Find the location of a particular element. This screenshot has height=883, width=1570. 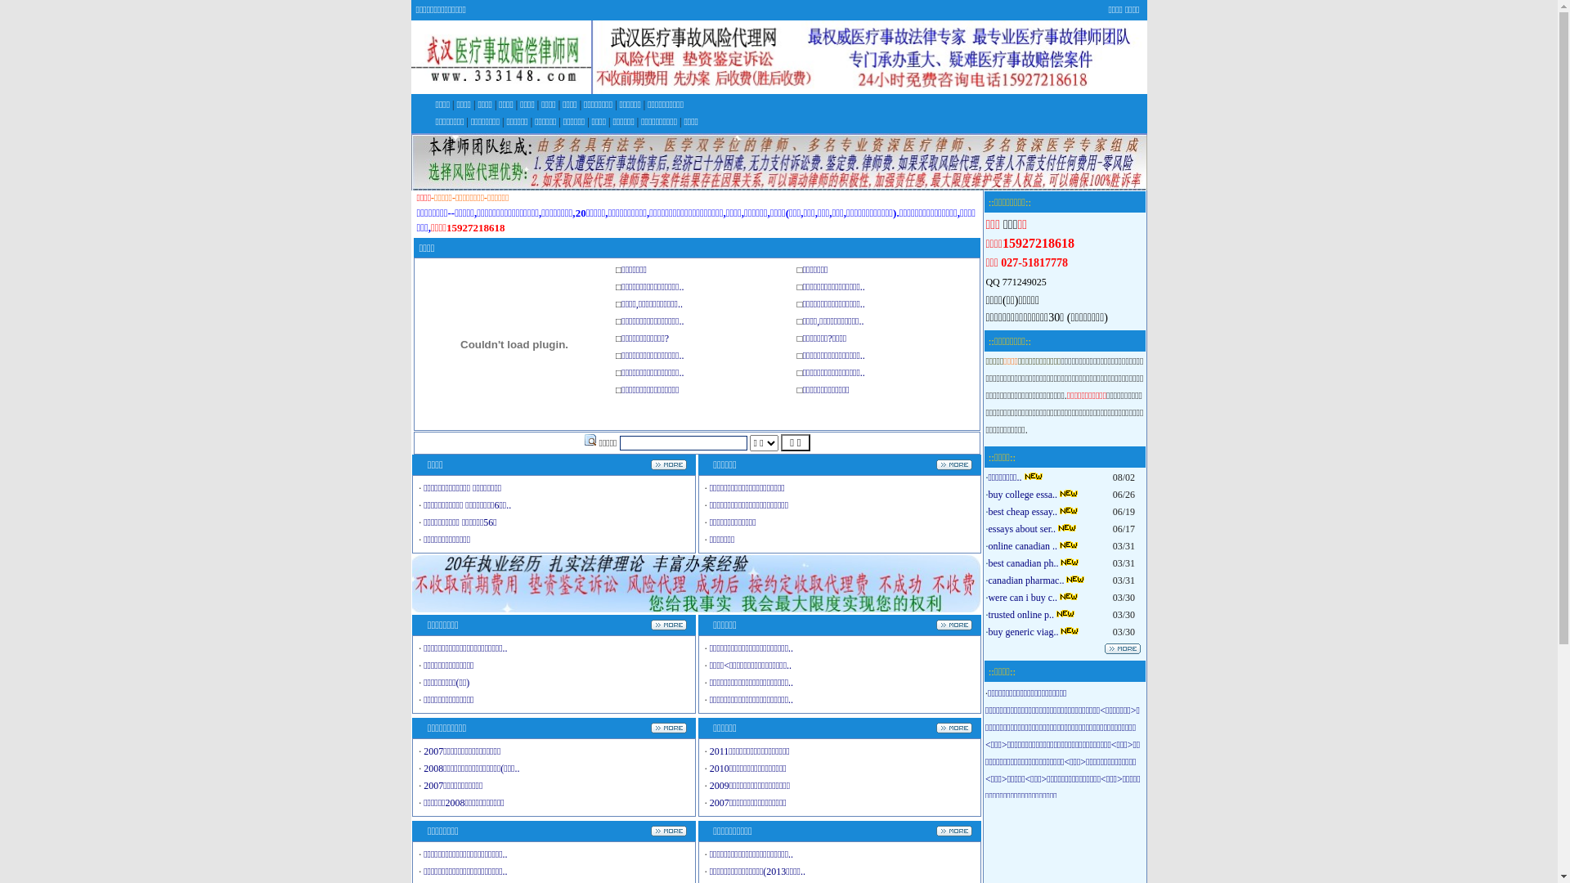

'were can i buy c..' is located at coordinates (1021, 598).